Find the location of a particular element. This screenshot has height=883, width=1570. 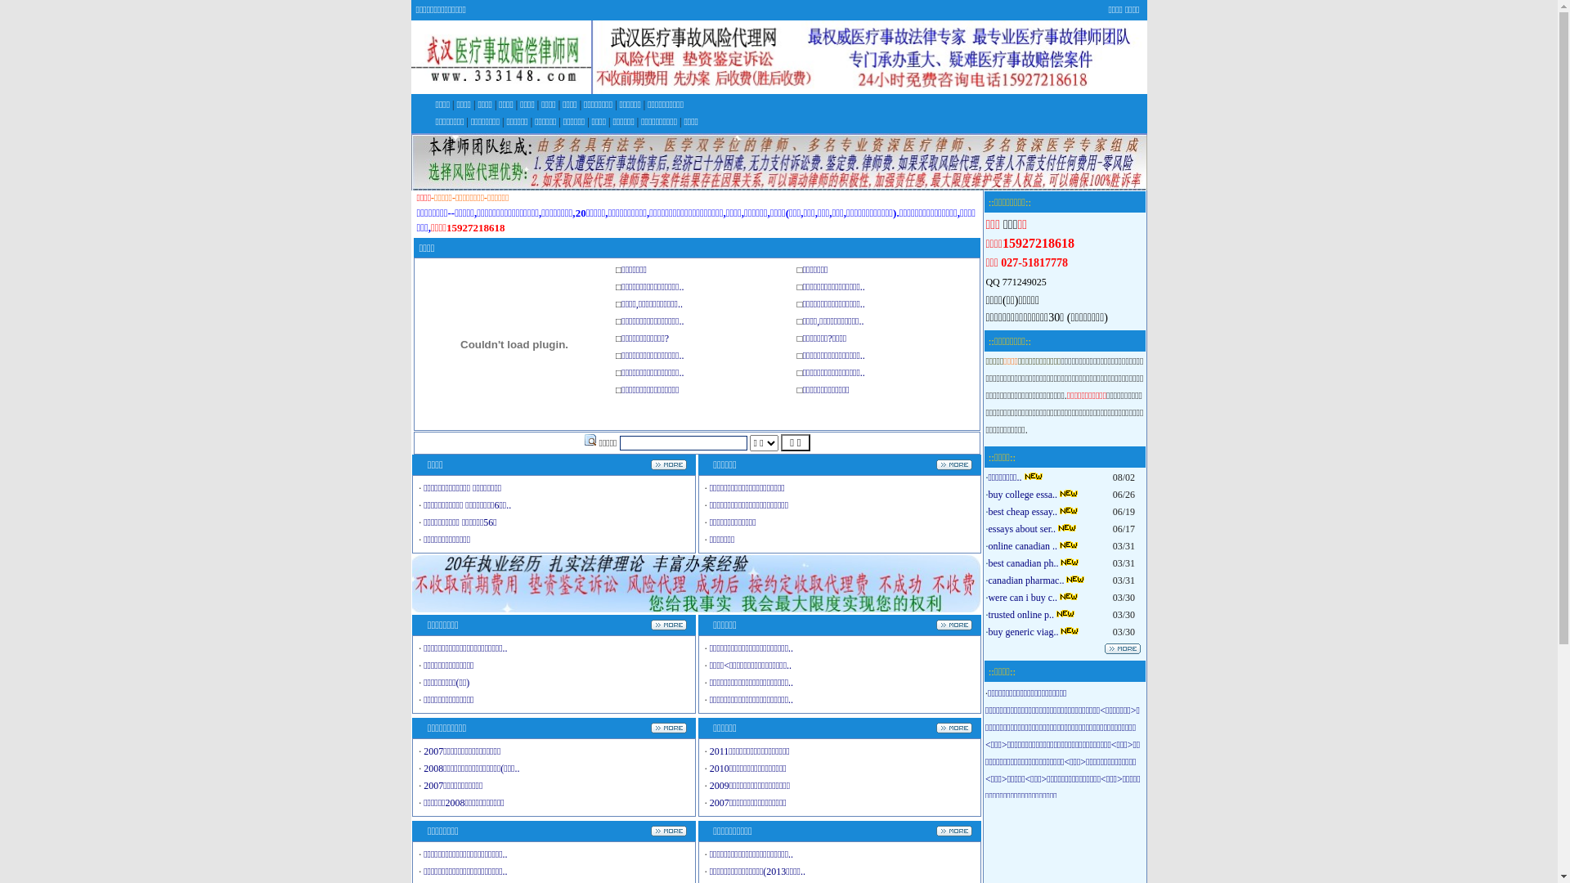

'were can i buy c..' is located at coordinates (1021, 598).